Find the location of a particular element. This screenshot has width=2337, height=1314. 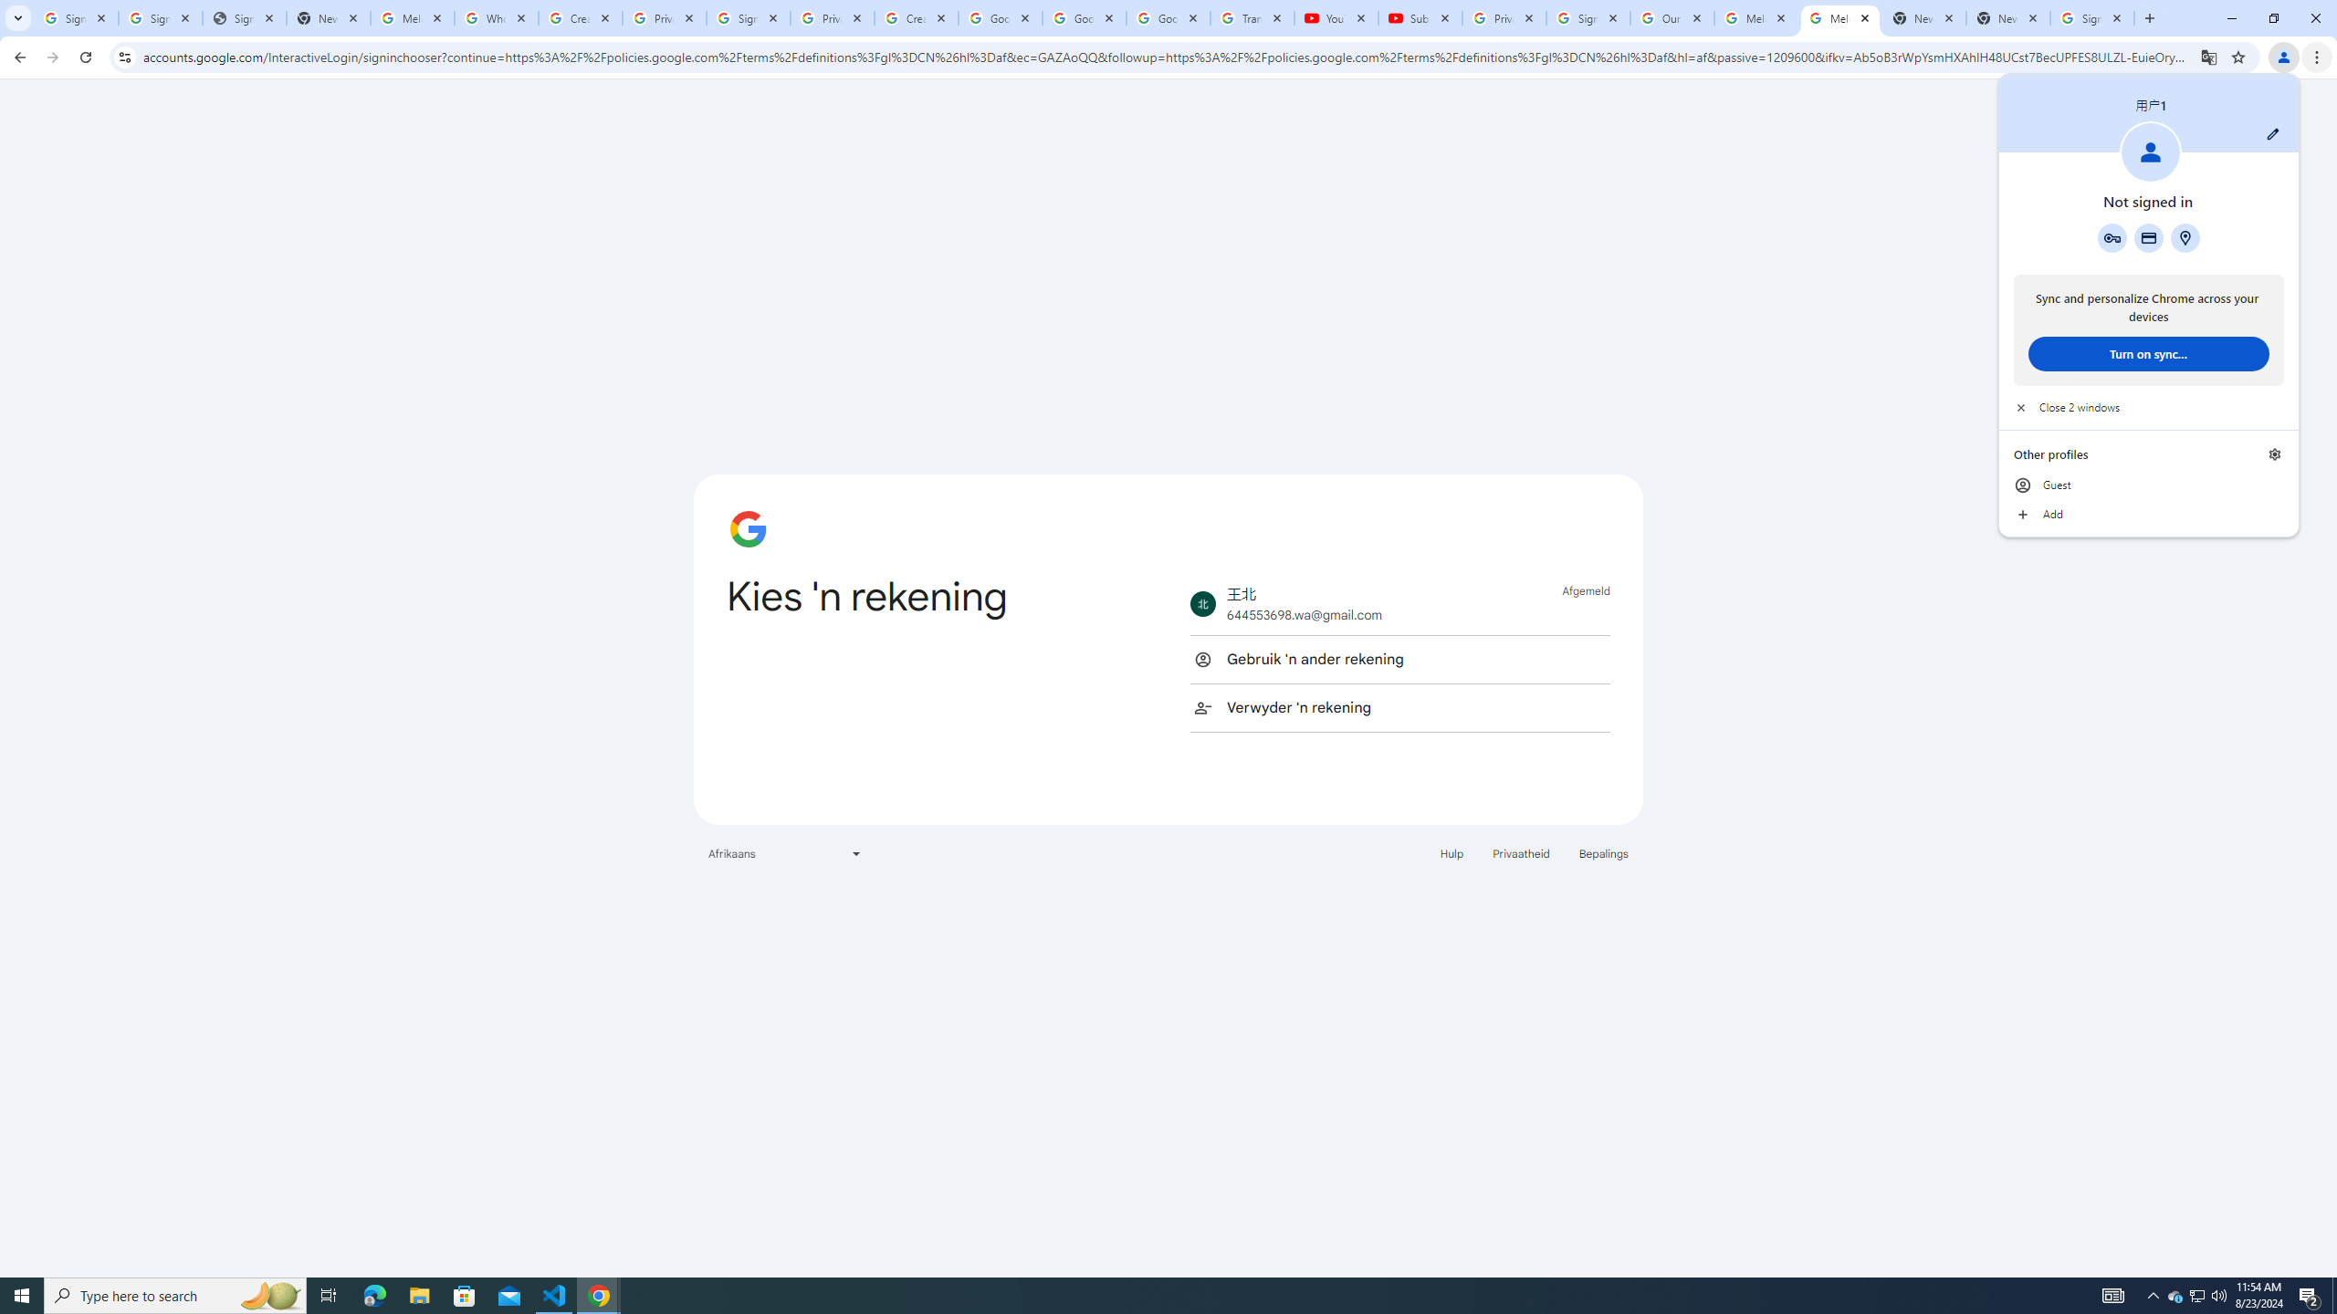

'Verwyder ' is located at coordinates (1399, 706).